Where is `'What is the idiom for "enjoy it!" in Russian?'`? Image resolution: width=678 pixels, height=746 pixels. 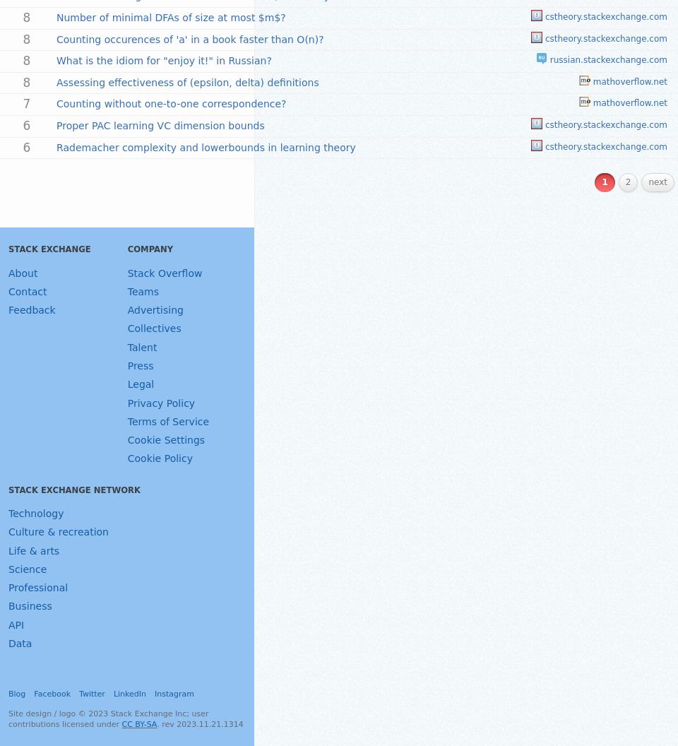
'What is the idiom for "enjoy it!" in Russian?' is located at coordinates (164, 59).